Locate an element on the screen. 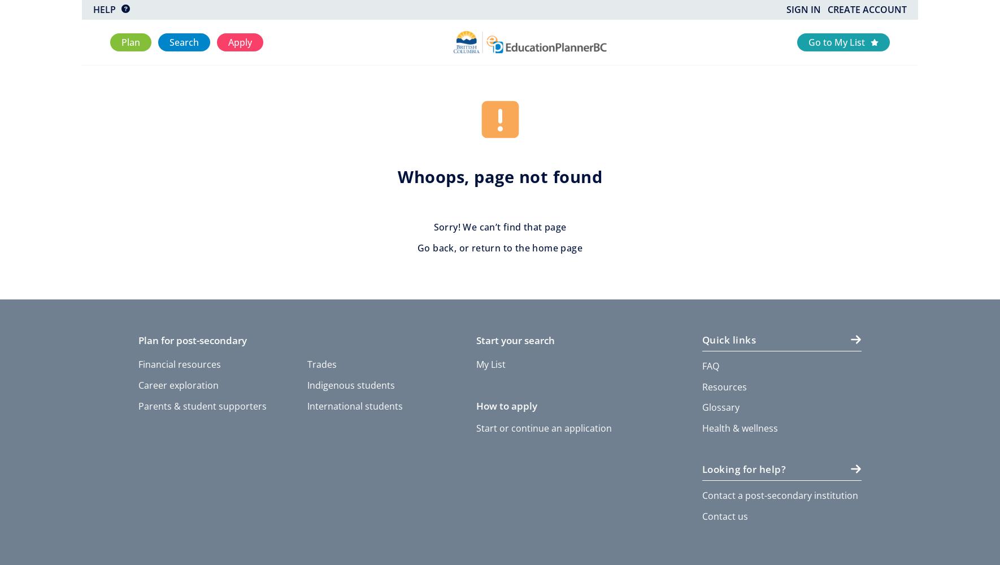  'Search' is located at coordinates (169, 41).